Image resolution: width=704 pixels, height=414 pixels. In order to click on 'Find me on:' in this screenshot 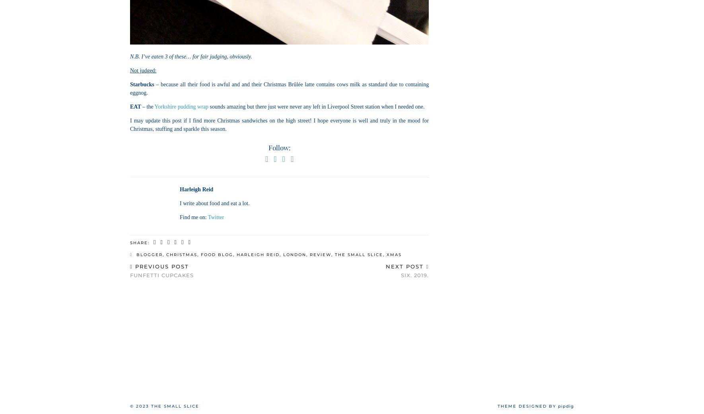, I will do `click(193, 217)`.